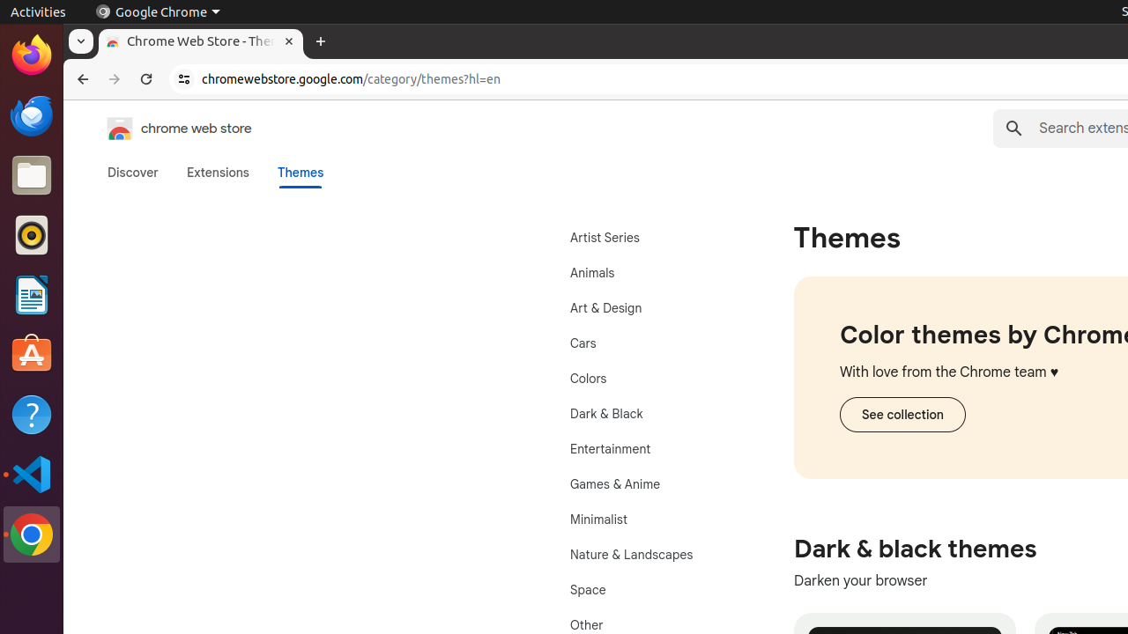 Image resolution: width=1128 pixels, height=634 pixels. What do you see at coordinates (79, 79) in the screenshot?
I see `'Back'` at bounding box center [79, 79].